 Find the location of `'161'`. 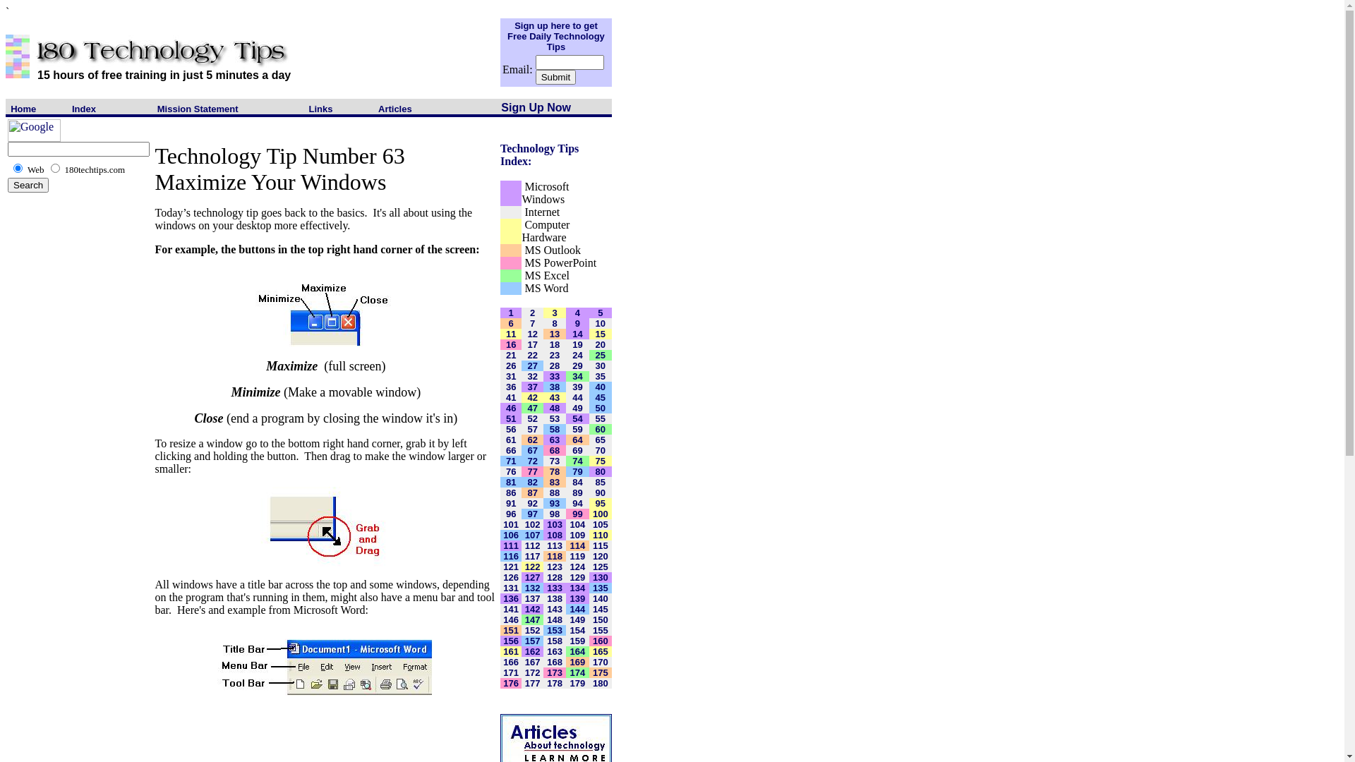

'161' is located at coordinates (510, 651).